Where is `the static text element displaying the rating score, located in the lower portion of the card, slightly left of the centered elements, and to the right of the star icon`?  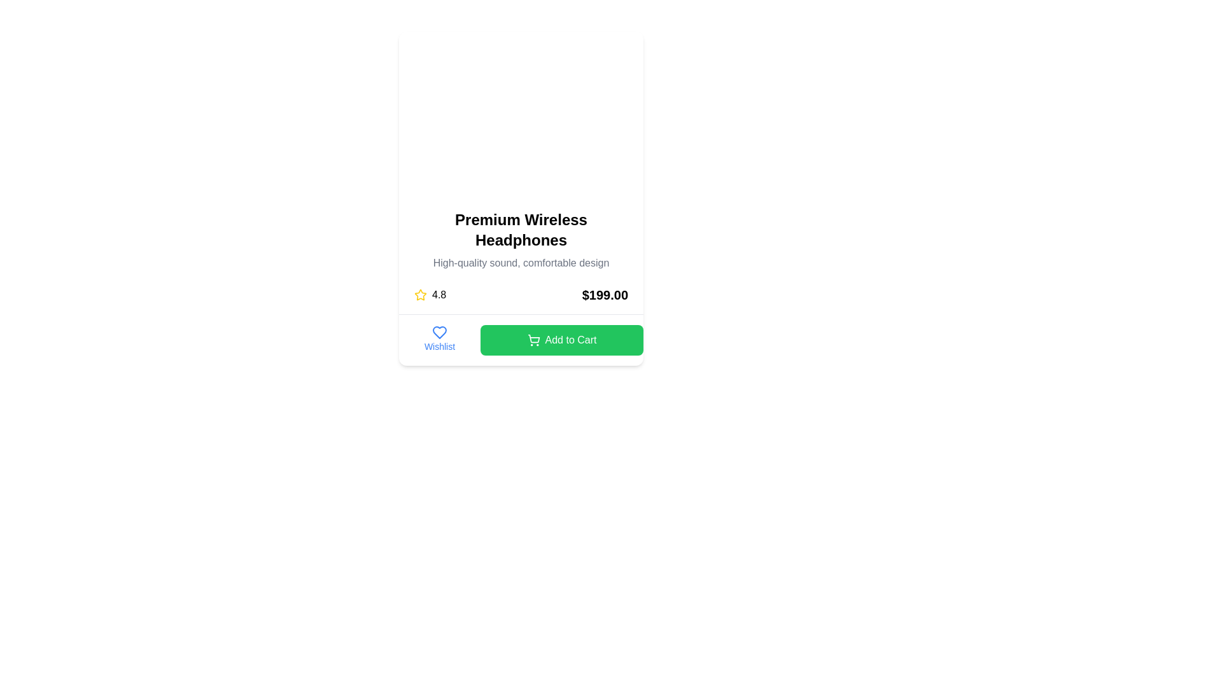
the static text element displaying the rating score, located in the lower portion of the card, slightly left of the centered elements, and to the right of the star icon is located at coordinates (439, 295).